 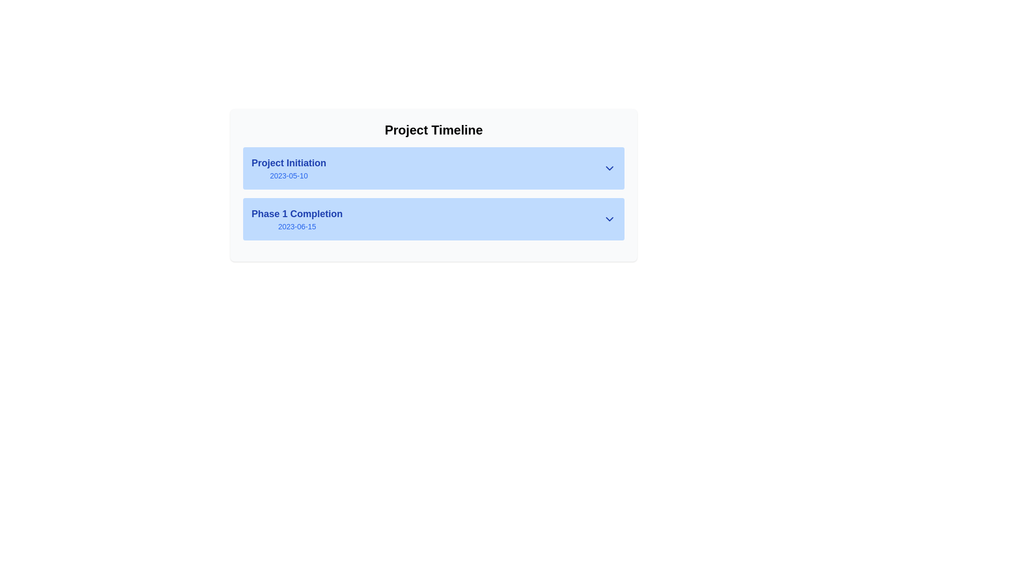 I want to click on the text label 'Project Initiation' which serves as the header for a milestone entry in the timeline interface, so click(x=289, y=163).